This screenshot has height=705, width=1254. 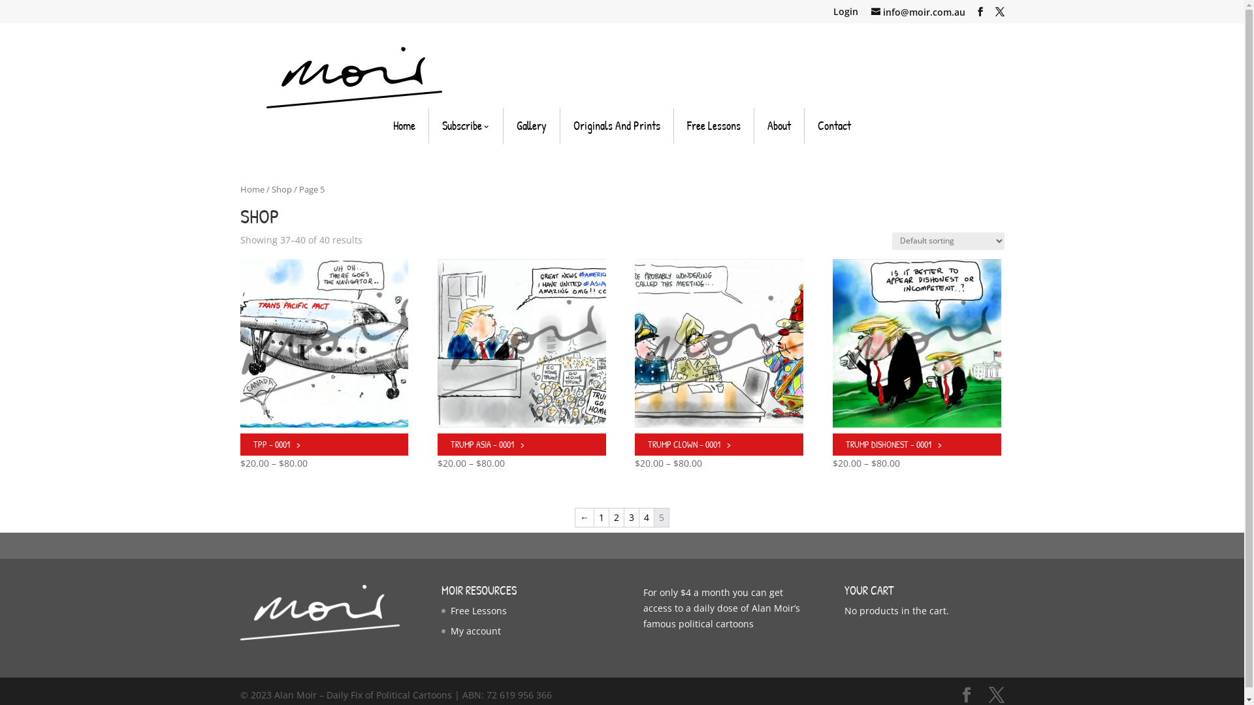 What do you see at coordinates (616, 125) in the screenshot?
I see `'Originals And Prints'` at bounding box center [616, 125].